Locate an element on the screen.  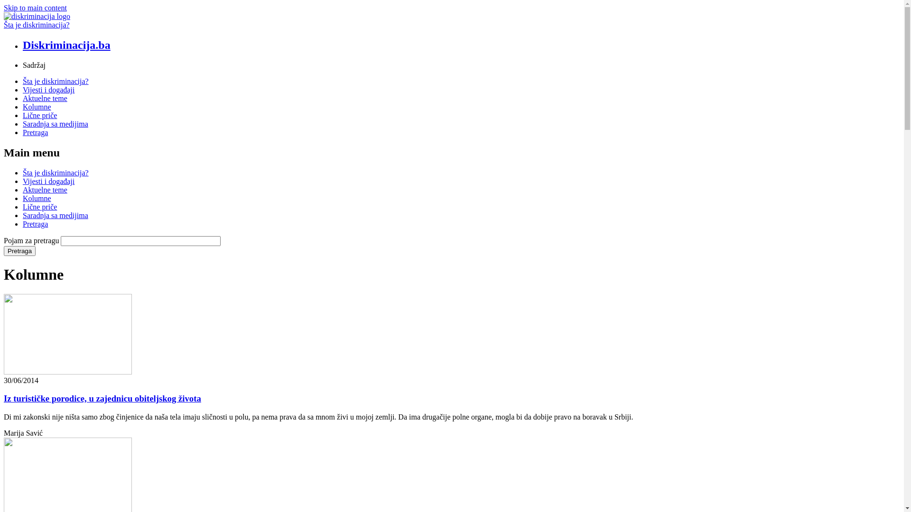
'Saradnja sa medijima' is located at coordinates (55, 123).